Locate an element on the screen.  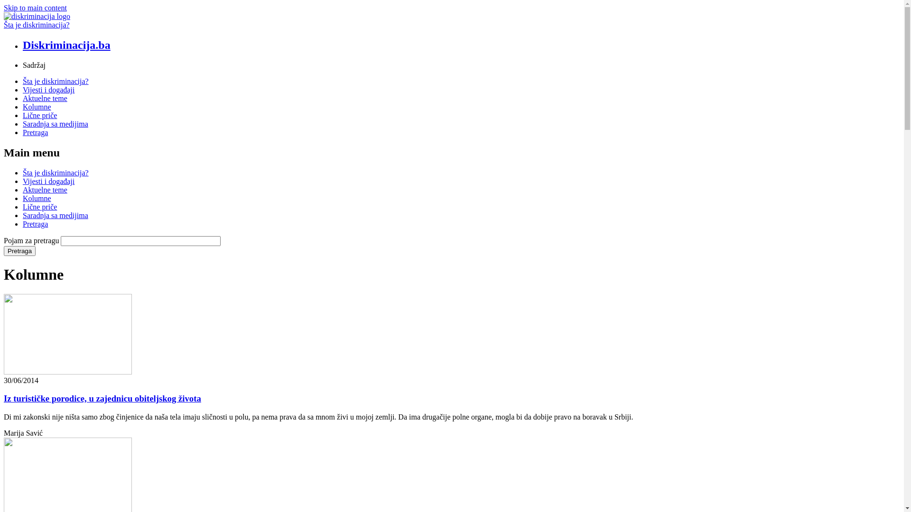
'Saradnja sa medijima' is located at coordinates (55, 123).